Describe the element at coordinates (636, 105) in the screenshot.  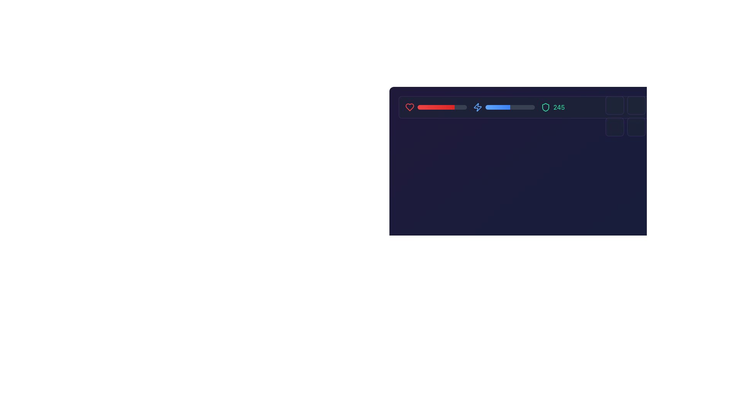
I see `the square button with rounded corners located in the top-right corner of the interface, which features a transparent backdrop blur effect and a light purple soft border, to observe the changes upon hovering` at that location.